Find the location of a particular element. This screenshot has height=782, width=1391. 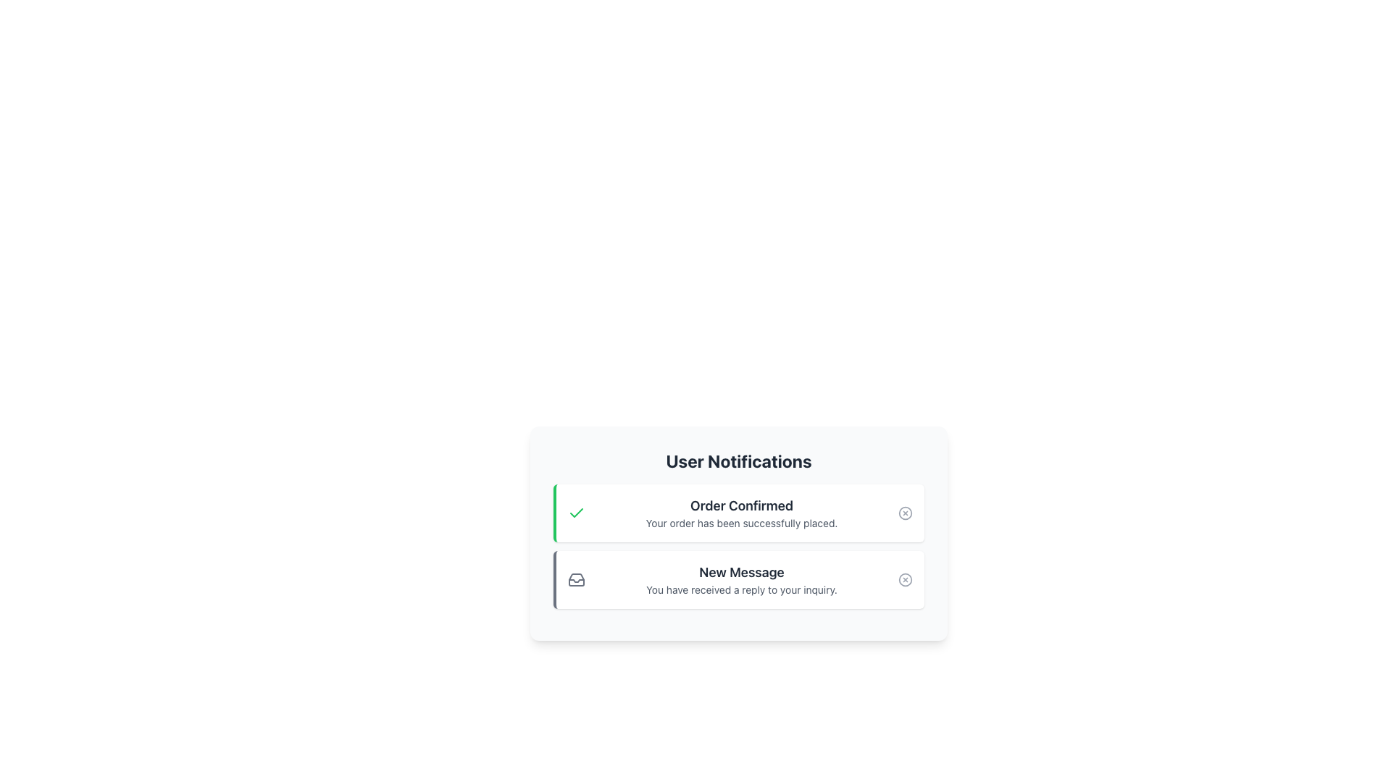

the text label displaying the message 'You have received a reply to your inquiry.' which is positioned below the heading 'New Message' within a notification card is located at coordinates (741, 589).